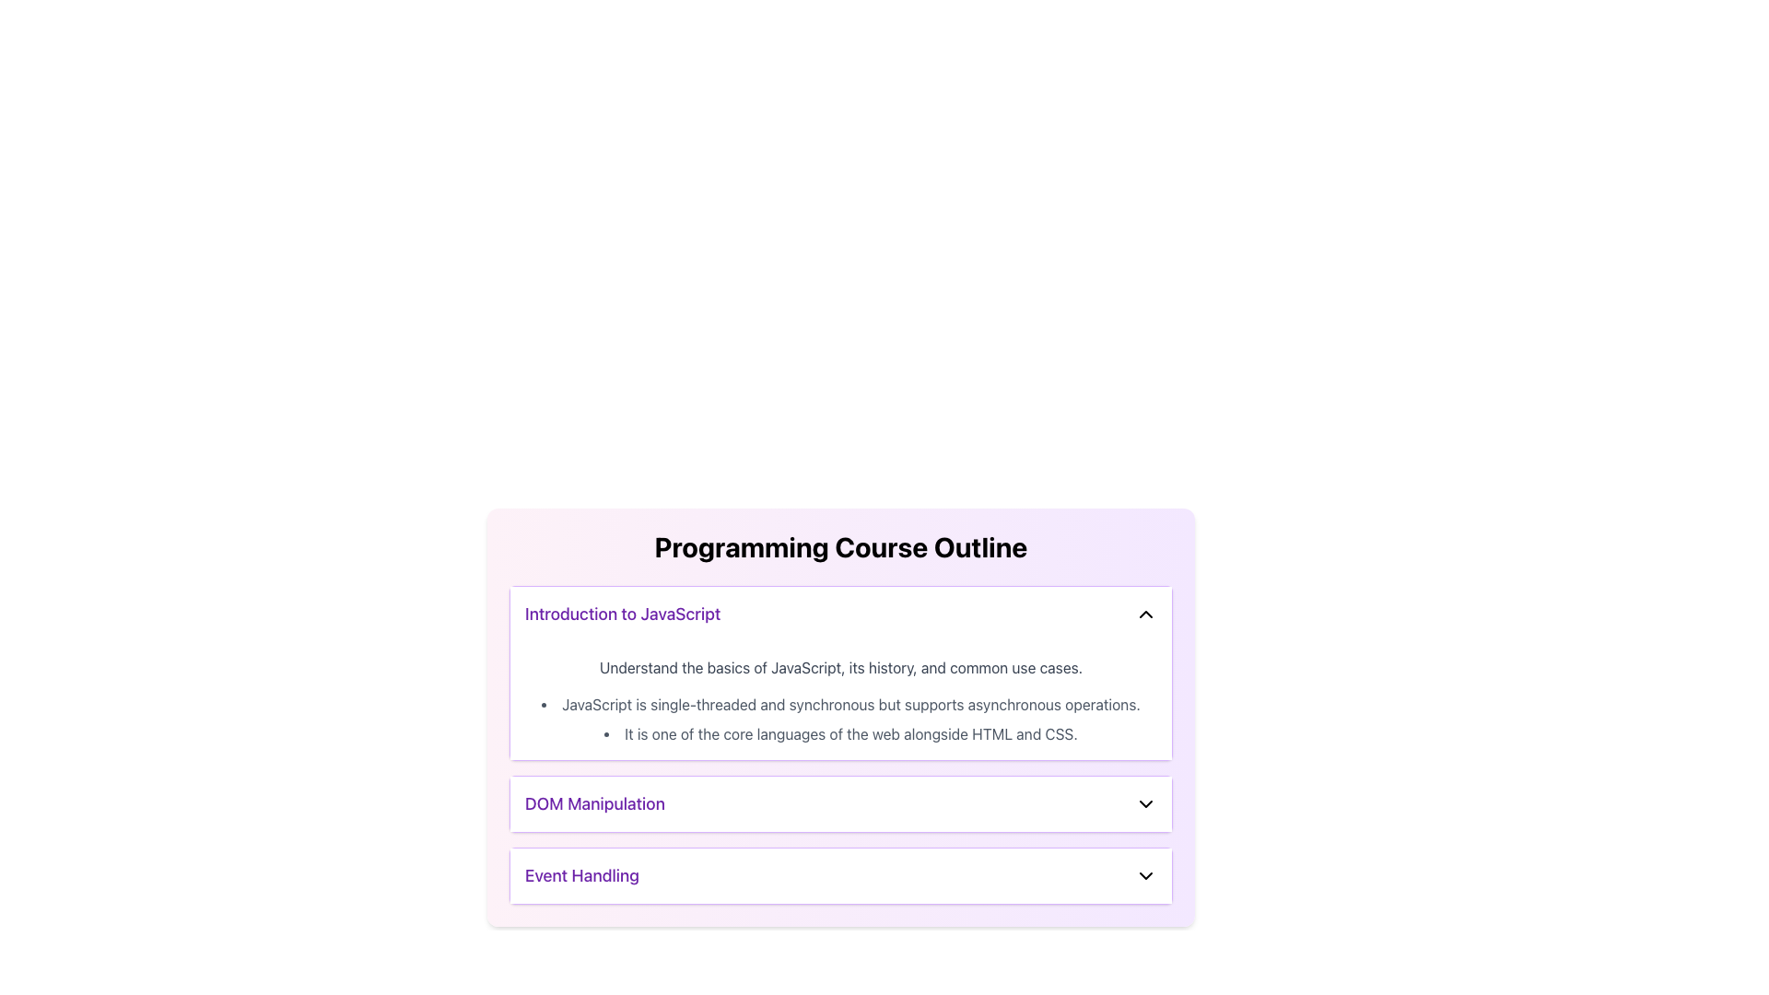 The height and width of the screenshot is (995, 1769). I want to click on the upward-pointing chevron icon located to the right of the heading 'Introduction to JavaScript', so click(1144, 615).